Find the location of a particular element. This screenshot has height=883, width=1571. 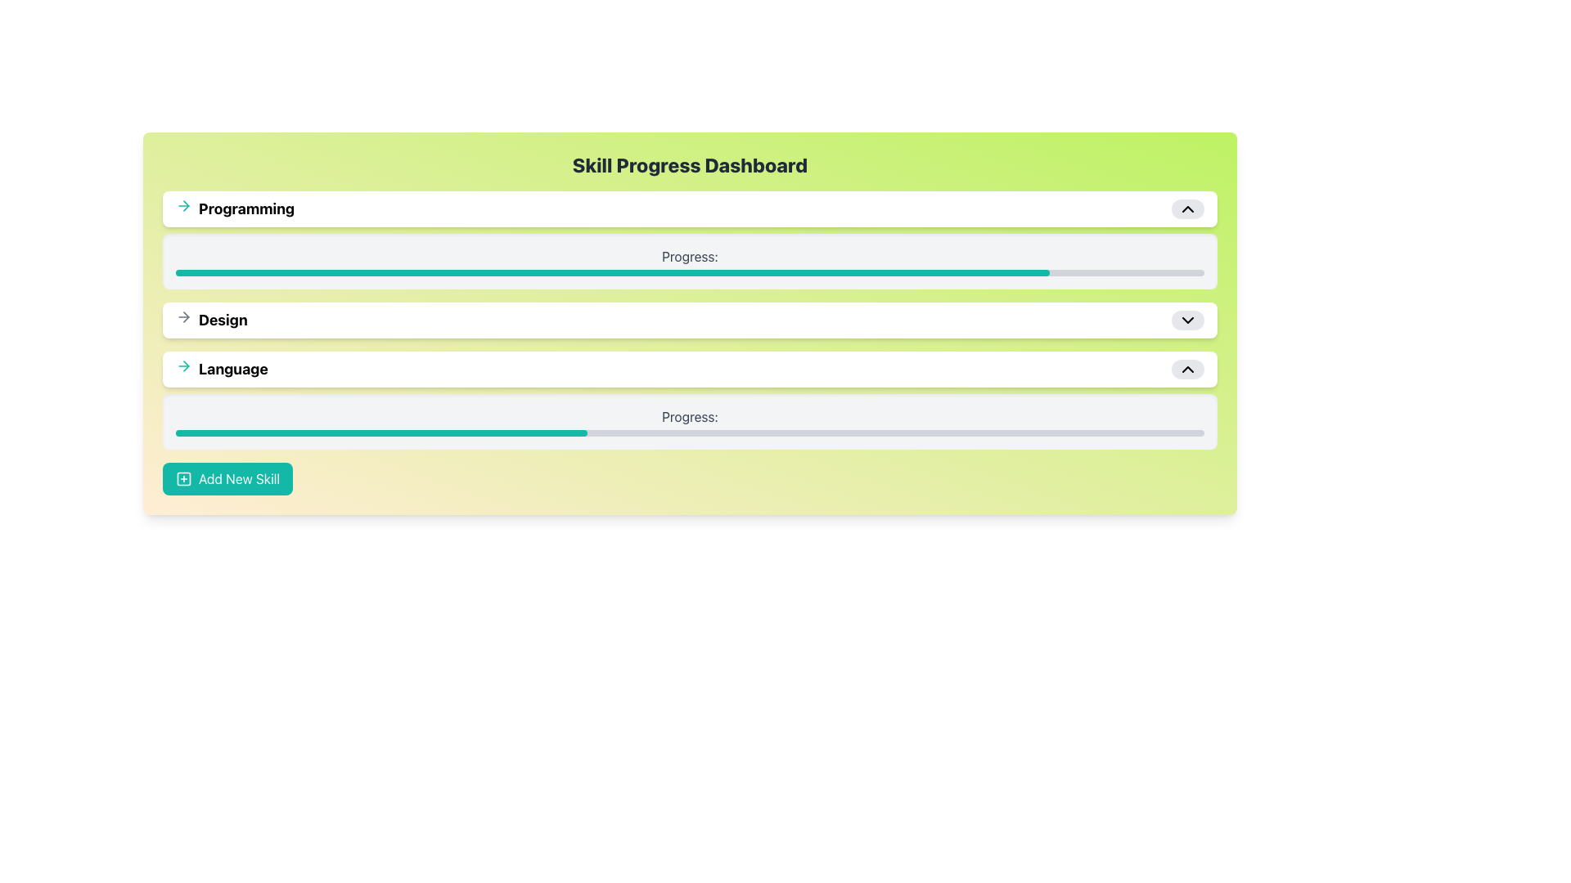

the upward-pointing chevron icon within the rounded button on the extreme right end of the 'Programming' row in the 'Skill Progress Dashboard' is located at coordinates (1187, 208).